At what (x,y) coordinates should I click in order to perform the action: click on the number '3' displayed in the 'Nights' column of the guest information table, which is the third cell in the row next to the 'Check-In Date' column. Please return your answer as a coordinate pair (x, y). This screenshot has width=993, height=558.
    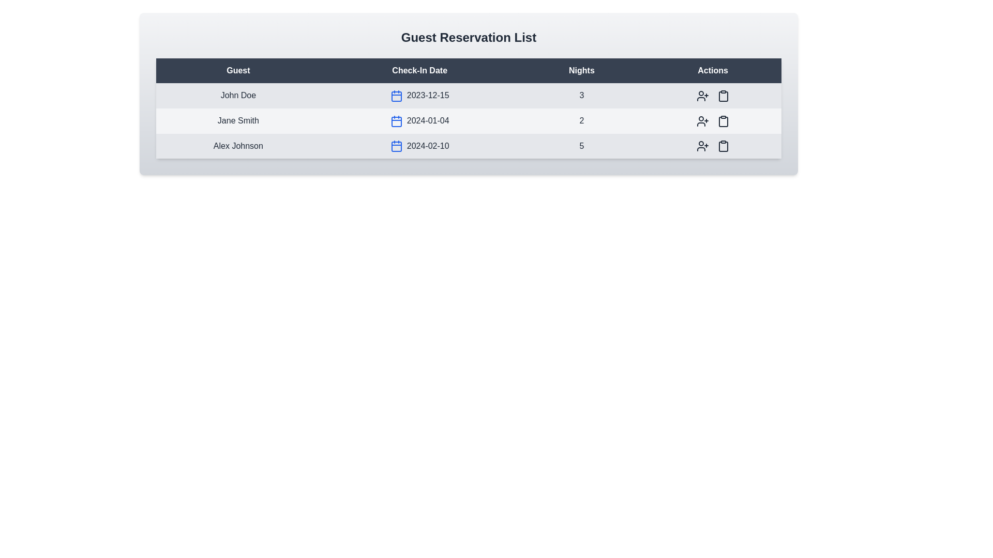
    Looking at the image, I should click on (581, 96).